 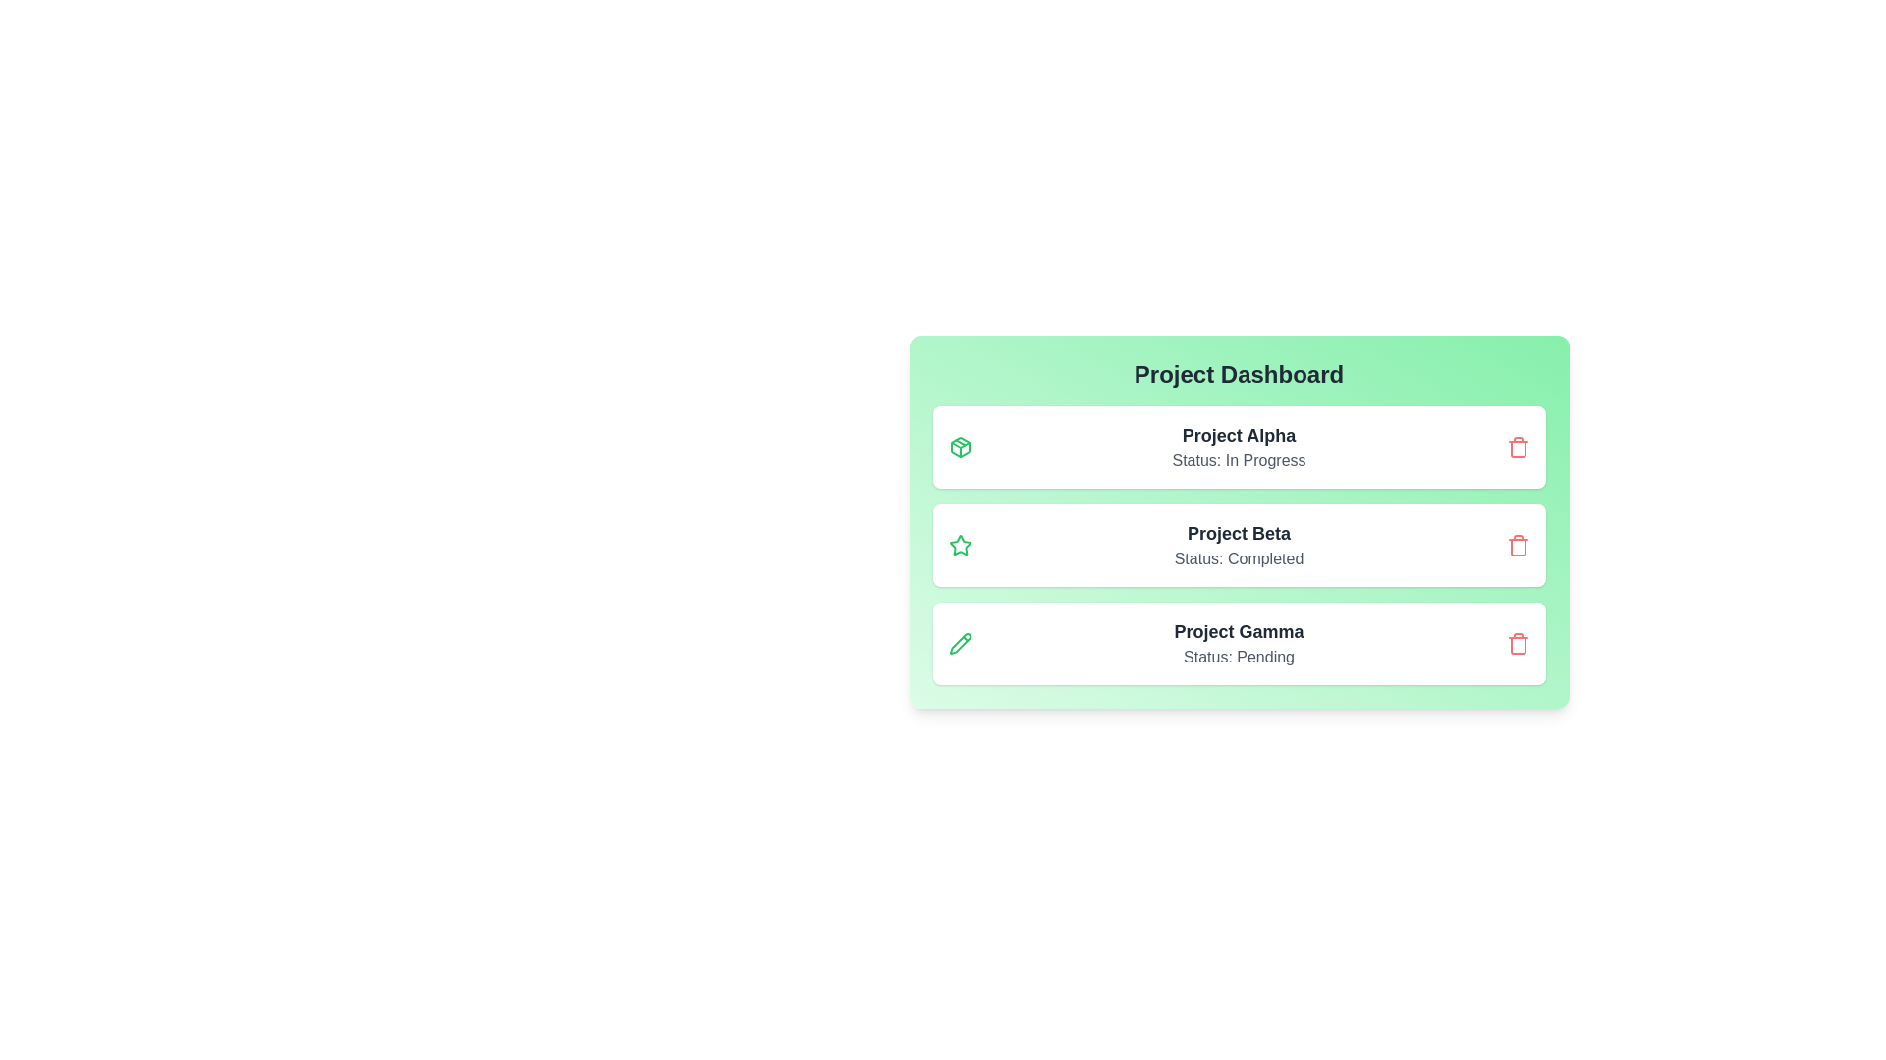 What do you see at coordinates (1517, 447) in the screenshot?
I see `the delete button for the project Project Alpha` at bounding box center [1517, 447].